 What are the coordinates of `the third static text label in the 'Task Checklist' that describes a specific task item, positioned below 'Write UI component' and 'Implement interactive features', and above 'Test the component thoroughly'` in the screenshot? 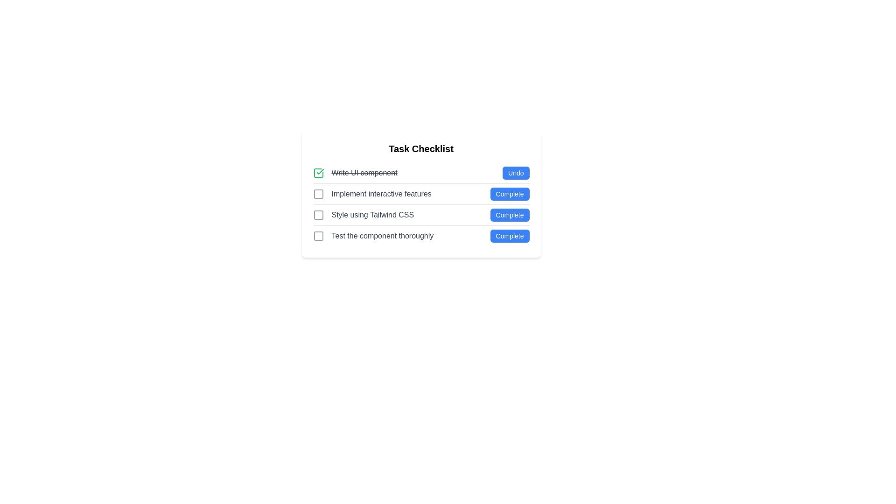 It's located at (372, 215).